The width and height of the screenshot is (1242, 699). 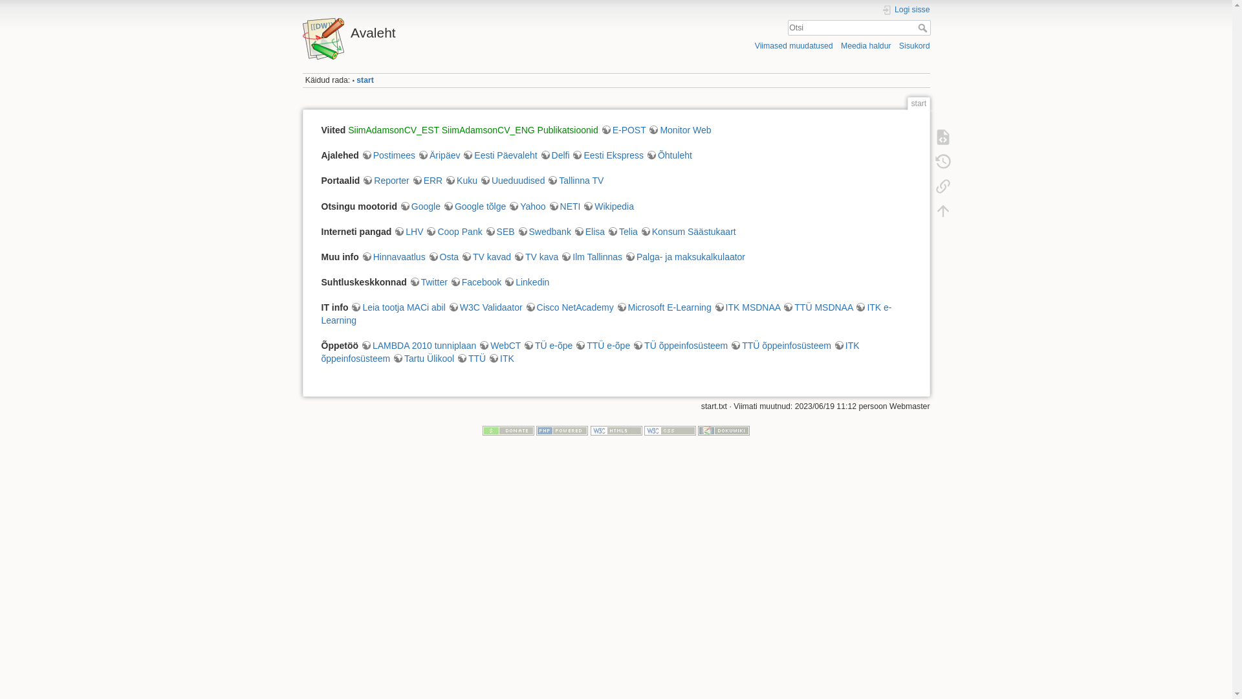 What do you see at coordinates (419, 344) in the screenshot?
I see `'LAMBDA 2010 tunniplaan'` at bounding box center [419, 344].